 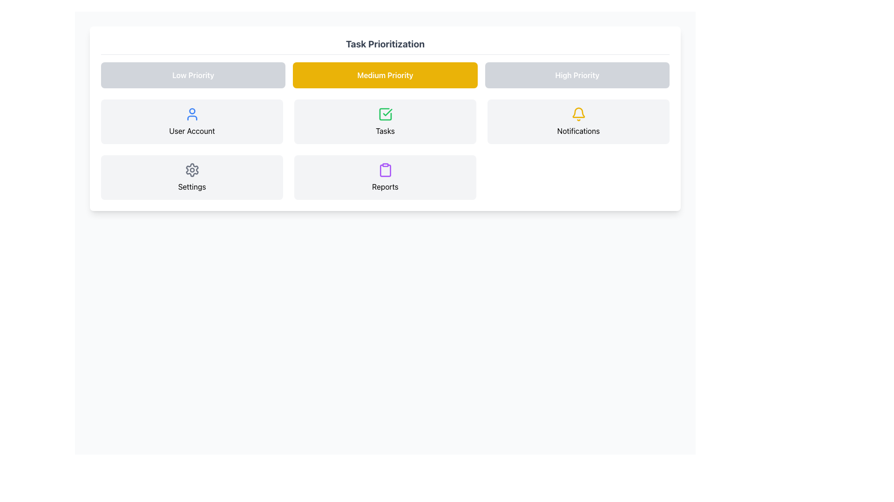 I want to click on the blue user silhouette icon located at the center-top of the 'User Account' box, so click(x=191, y=114).